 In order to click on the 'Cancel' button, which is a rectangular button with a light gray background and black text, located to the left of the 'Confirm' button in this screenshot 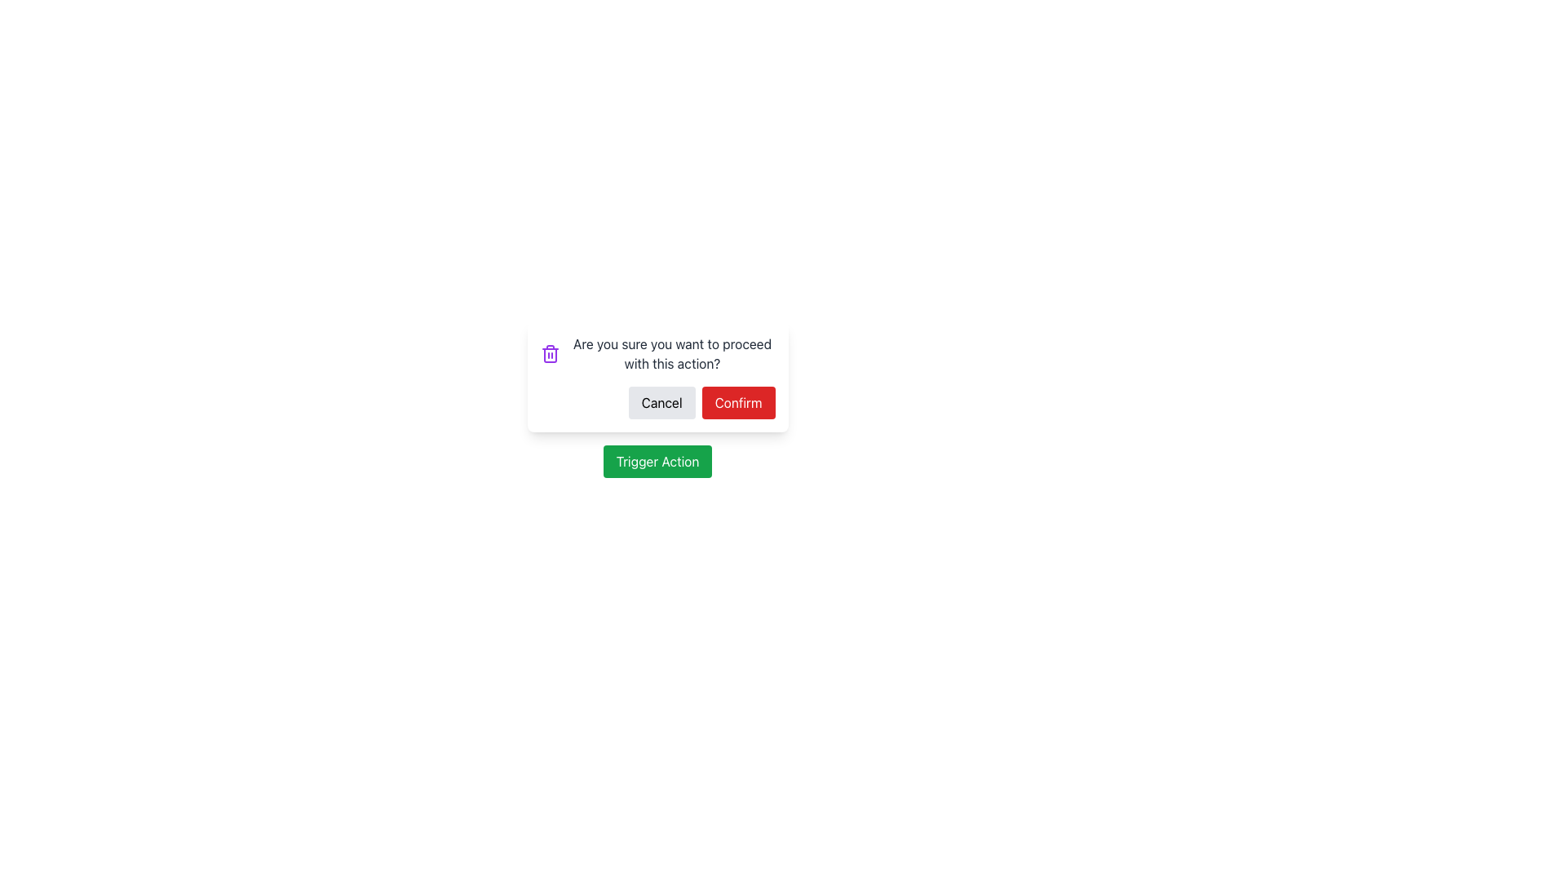, I will do `click(661, 402)`.